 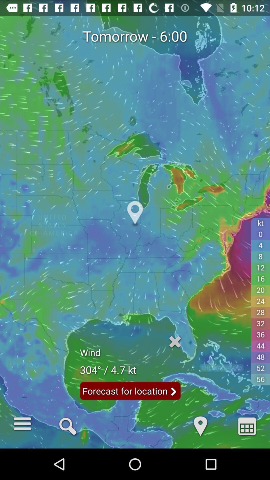 I want to click on the icon next to d, so click(x=68, y=425).